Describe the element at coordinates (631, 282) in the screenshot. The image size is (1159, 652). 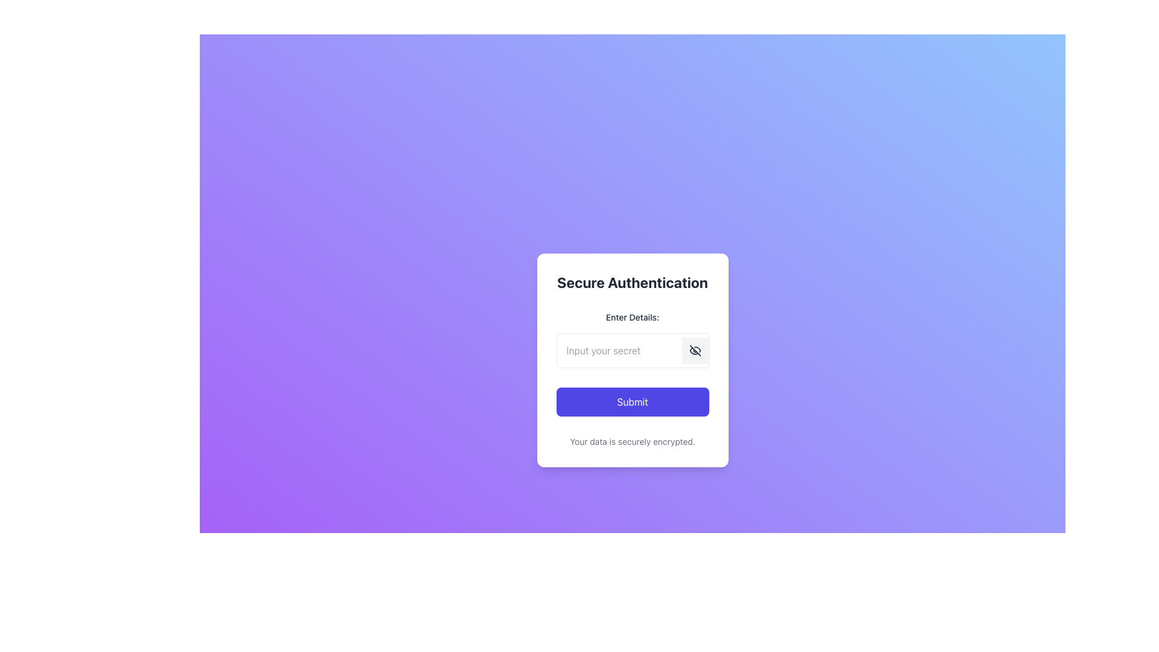
I see `the heading element that introduces the authentication process in the white modal box, positioned above the 'Enter Details:' label` at that location.